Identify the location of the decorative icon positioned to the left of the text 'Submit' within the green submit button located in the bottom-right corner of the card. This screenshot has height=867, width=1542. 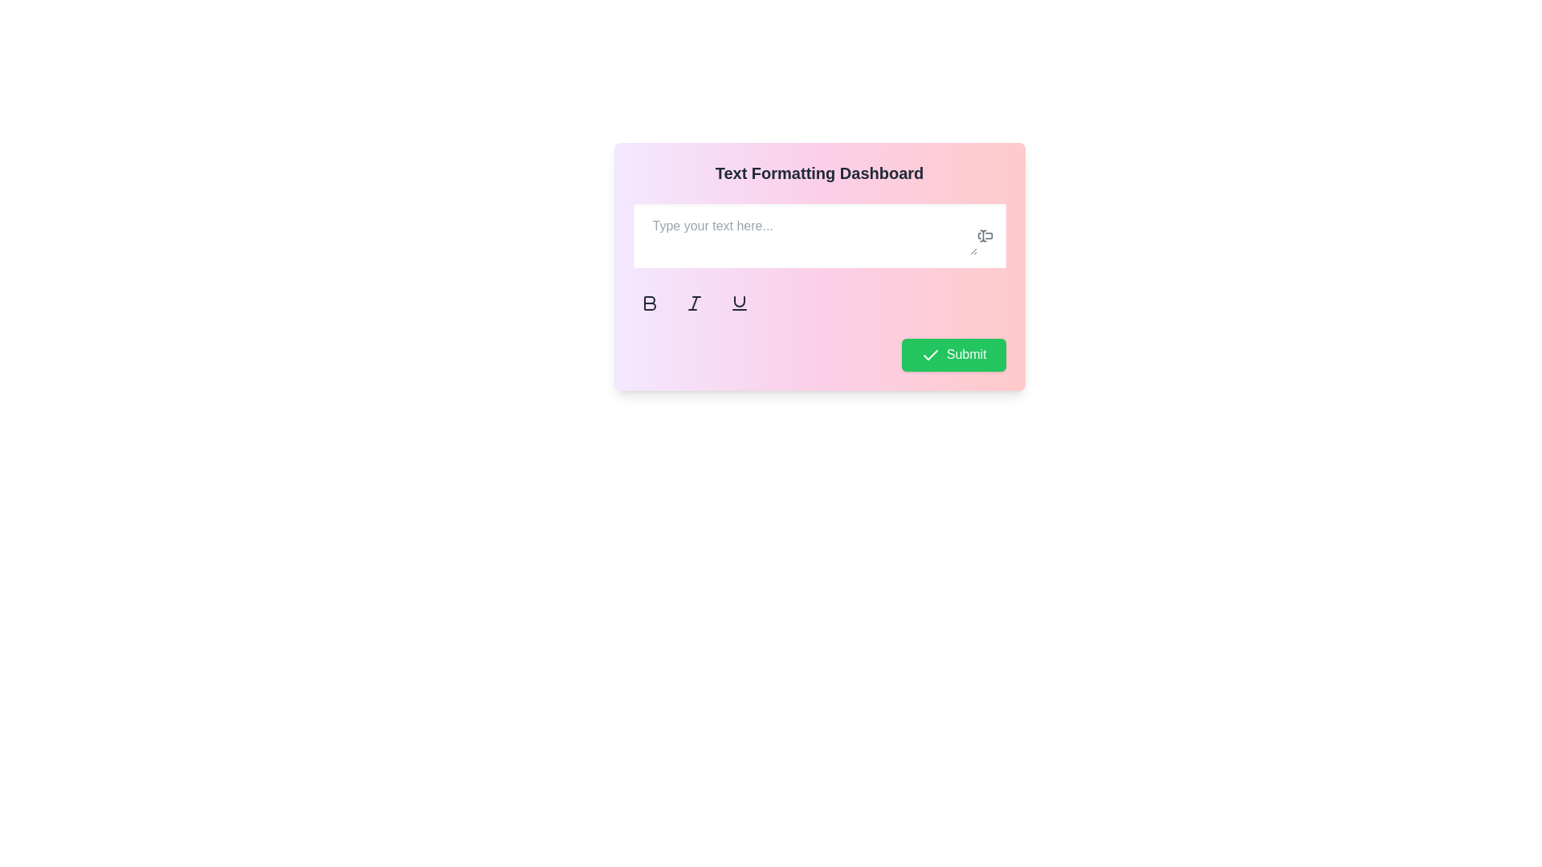
(930, 354).